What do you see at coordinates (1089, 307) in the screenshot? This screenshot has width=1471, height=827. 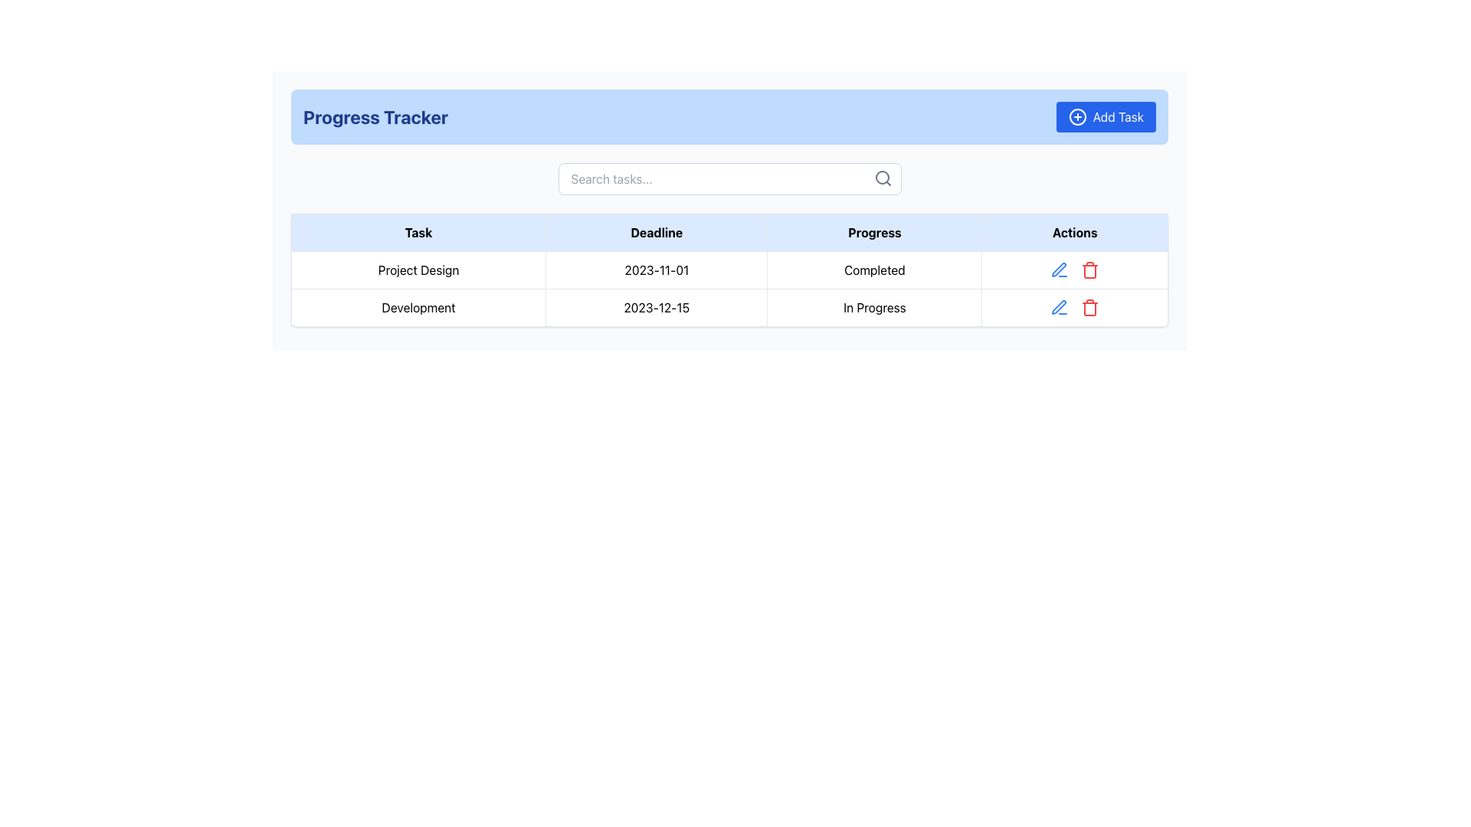 I see `the 'Delete' button, which is the second icon in the action bar of the second row in the table, to initiate the delete action` at bounding box center [1089, 307].